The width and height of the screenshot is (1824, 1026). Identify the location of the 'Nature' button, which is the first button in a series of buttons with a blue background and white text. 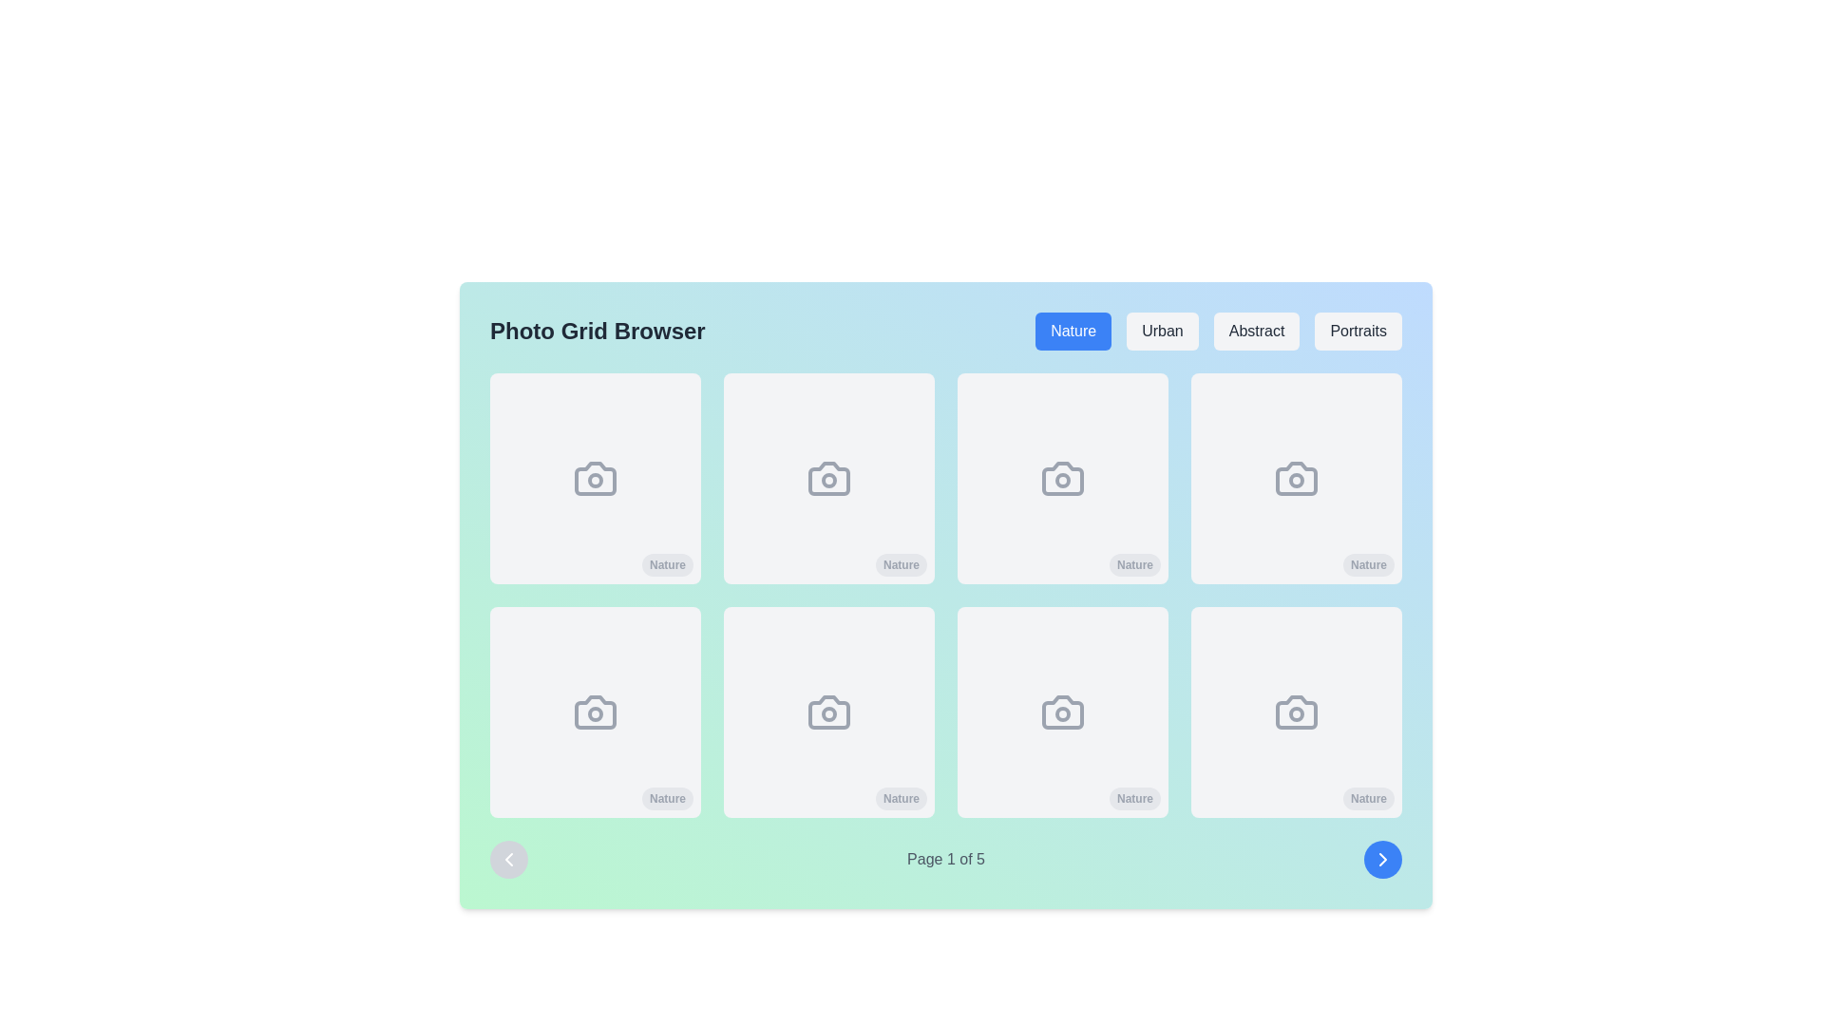
(1073, 330).